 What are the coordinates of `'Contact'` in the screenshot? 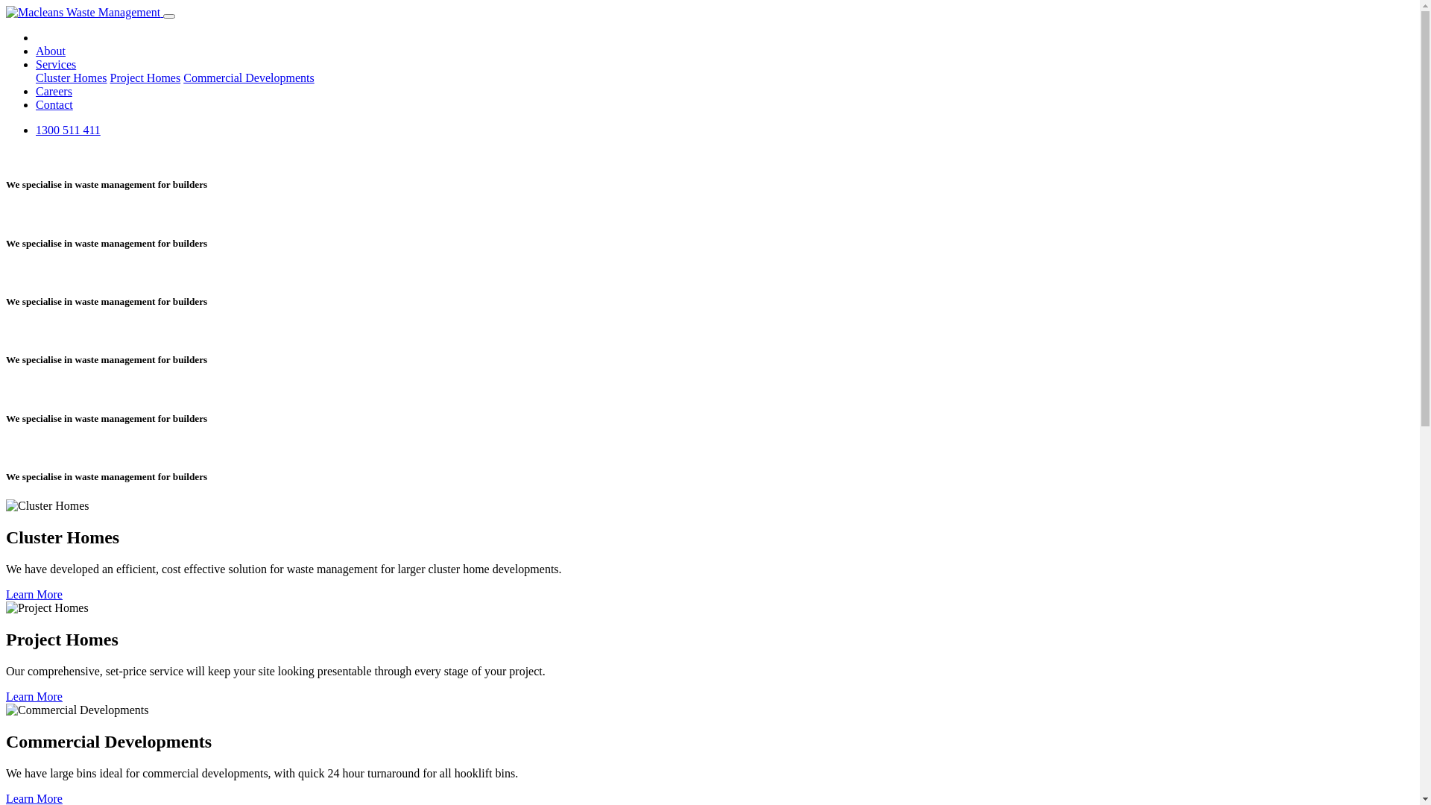 It's located at (54, 104).